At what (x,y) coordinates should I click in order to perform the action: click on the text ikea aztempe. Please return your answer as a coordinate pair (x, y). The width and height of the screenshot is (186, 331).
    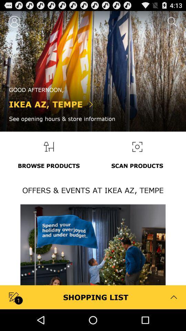
    Looking at the image, I should click on (62, 115).